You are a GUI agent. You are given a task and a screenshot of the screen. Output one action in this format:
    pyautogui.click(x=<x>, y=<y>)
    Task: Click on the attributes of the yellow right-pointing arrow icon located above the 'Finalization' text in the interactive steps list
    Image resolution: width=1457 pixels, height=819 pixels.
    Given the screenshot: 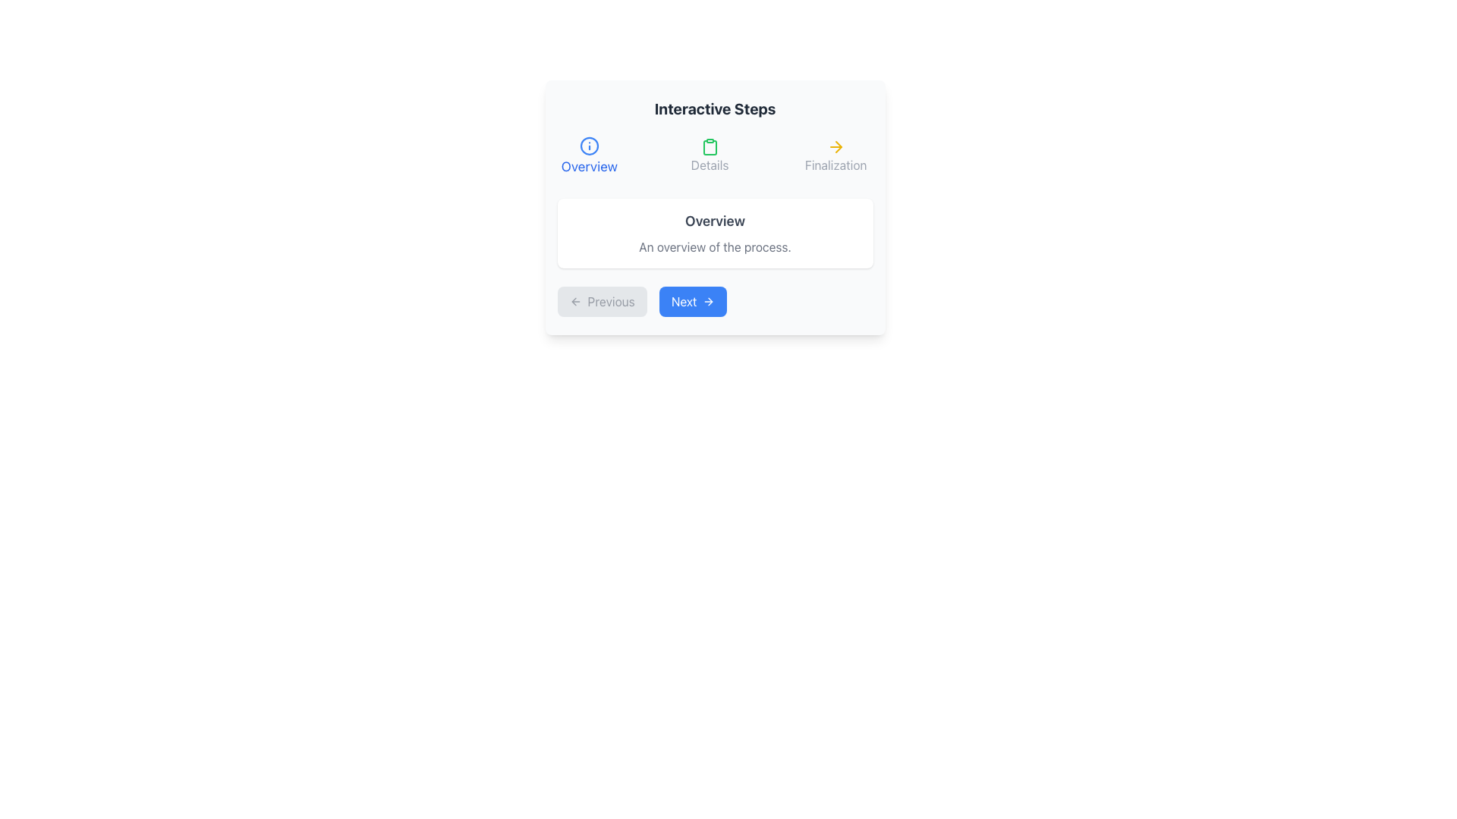 What is the action you would take?
    pyautogui.click(x=835, y=146)
    